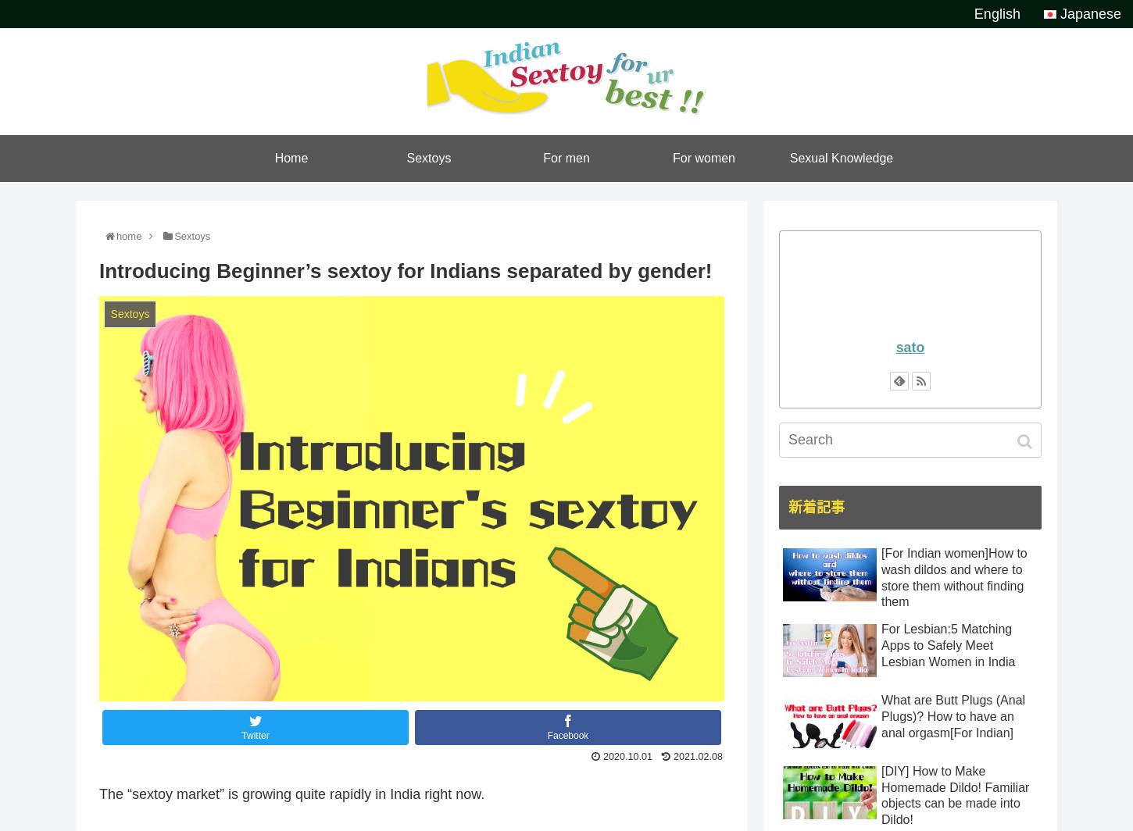 This screenshot has height=831, width=1133. I want to click on 'Facebook', so click(567, 735).